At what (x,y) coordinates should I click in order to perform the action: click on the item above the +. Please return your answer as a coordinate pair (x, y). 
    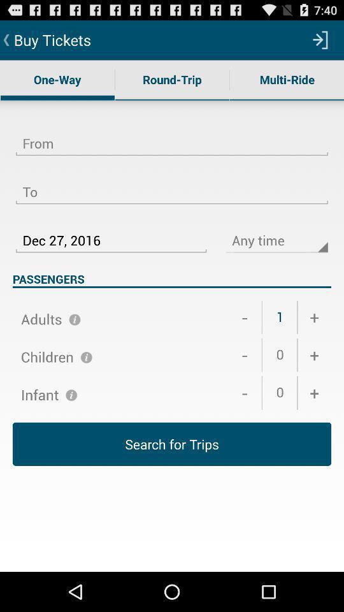
    Looking at the image, I should click on (313, 355).